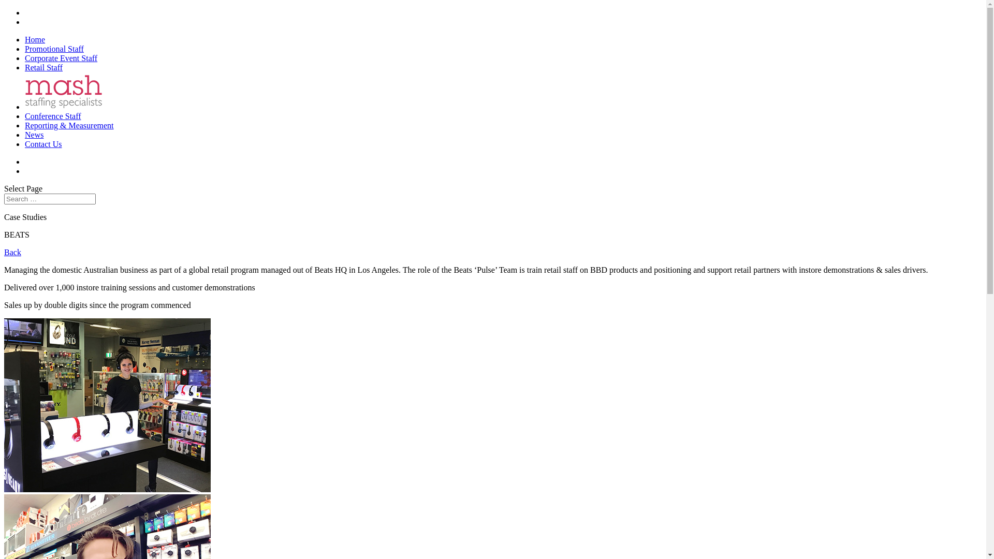 The height and width of the screenshot is (559, 994). Describe the element at coordinates (54, 49) in the screenshot. I see `'Promotional Staff'` at that location.